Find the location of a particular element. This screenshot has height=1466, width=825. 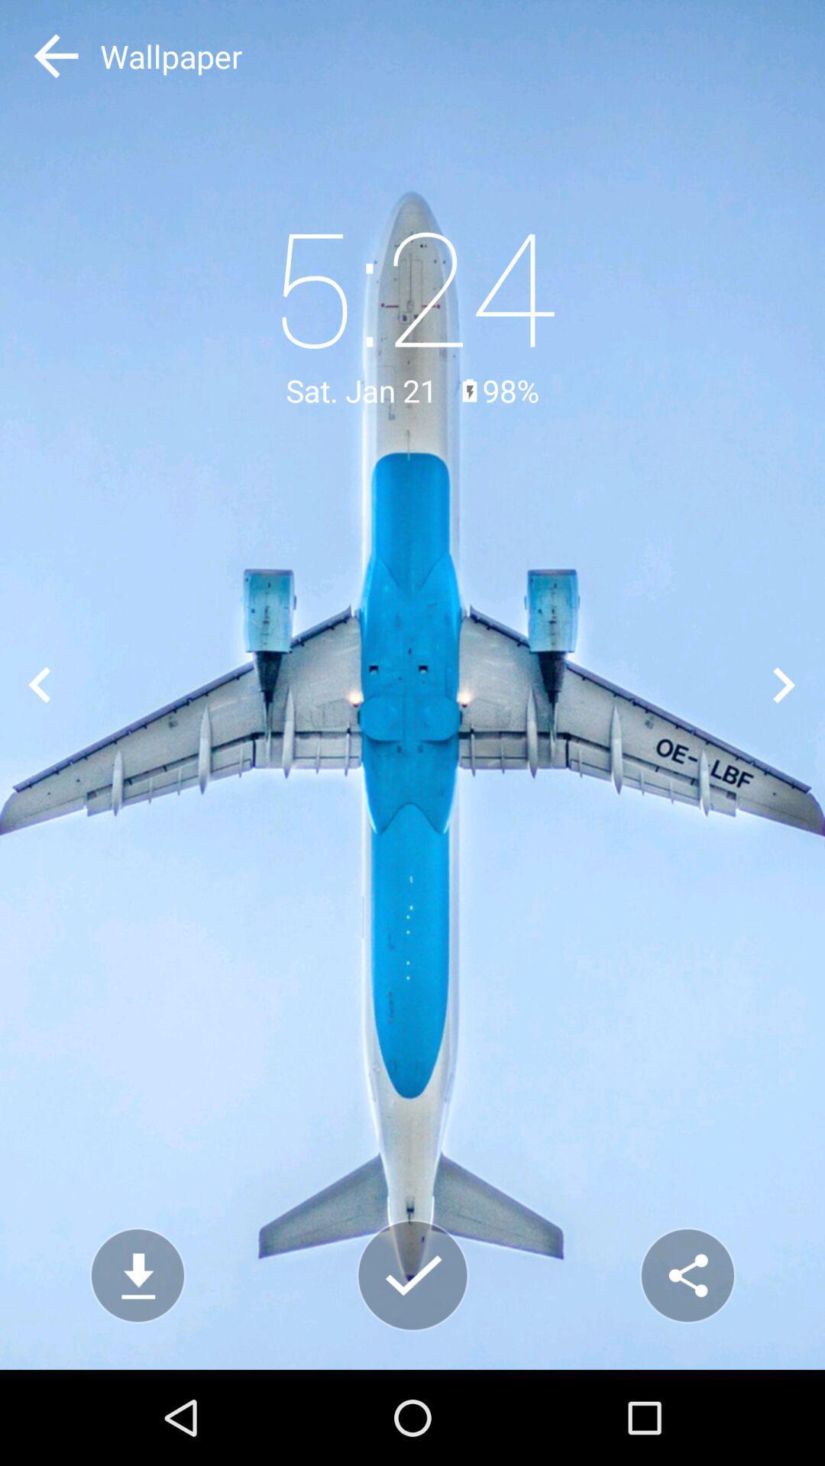

select is located at coordinates (412, 1275).